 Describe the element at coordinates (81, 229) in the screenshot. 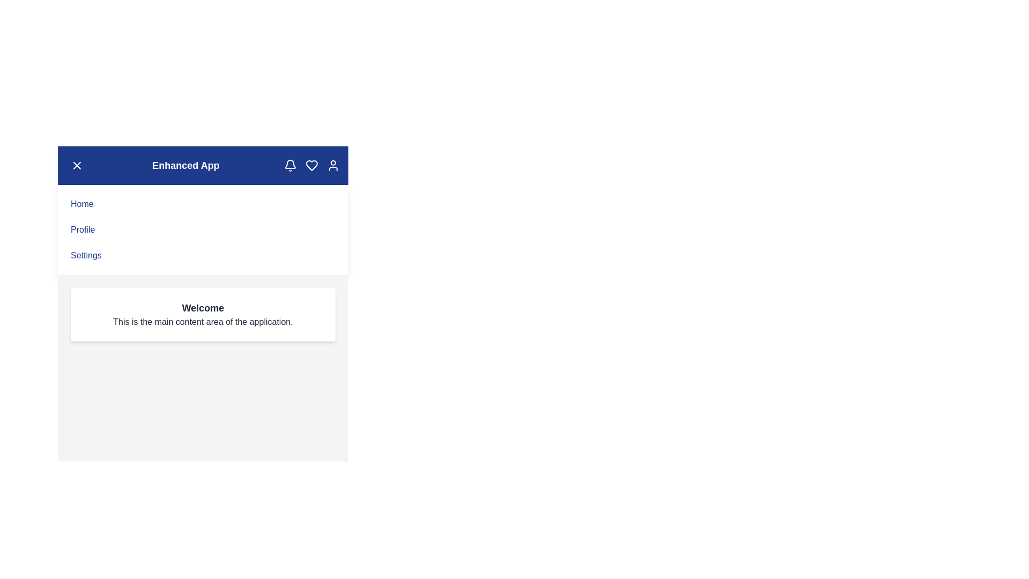

I see `the 'Profile' menu item to navigate to the 'Profile' section` at that location.